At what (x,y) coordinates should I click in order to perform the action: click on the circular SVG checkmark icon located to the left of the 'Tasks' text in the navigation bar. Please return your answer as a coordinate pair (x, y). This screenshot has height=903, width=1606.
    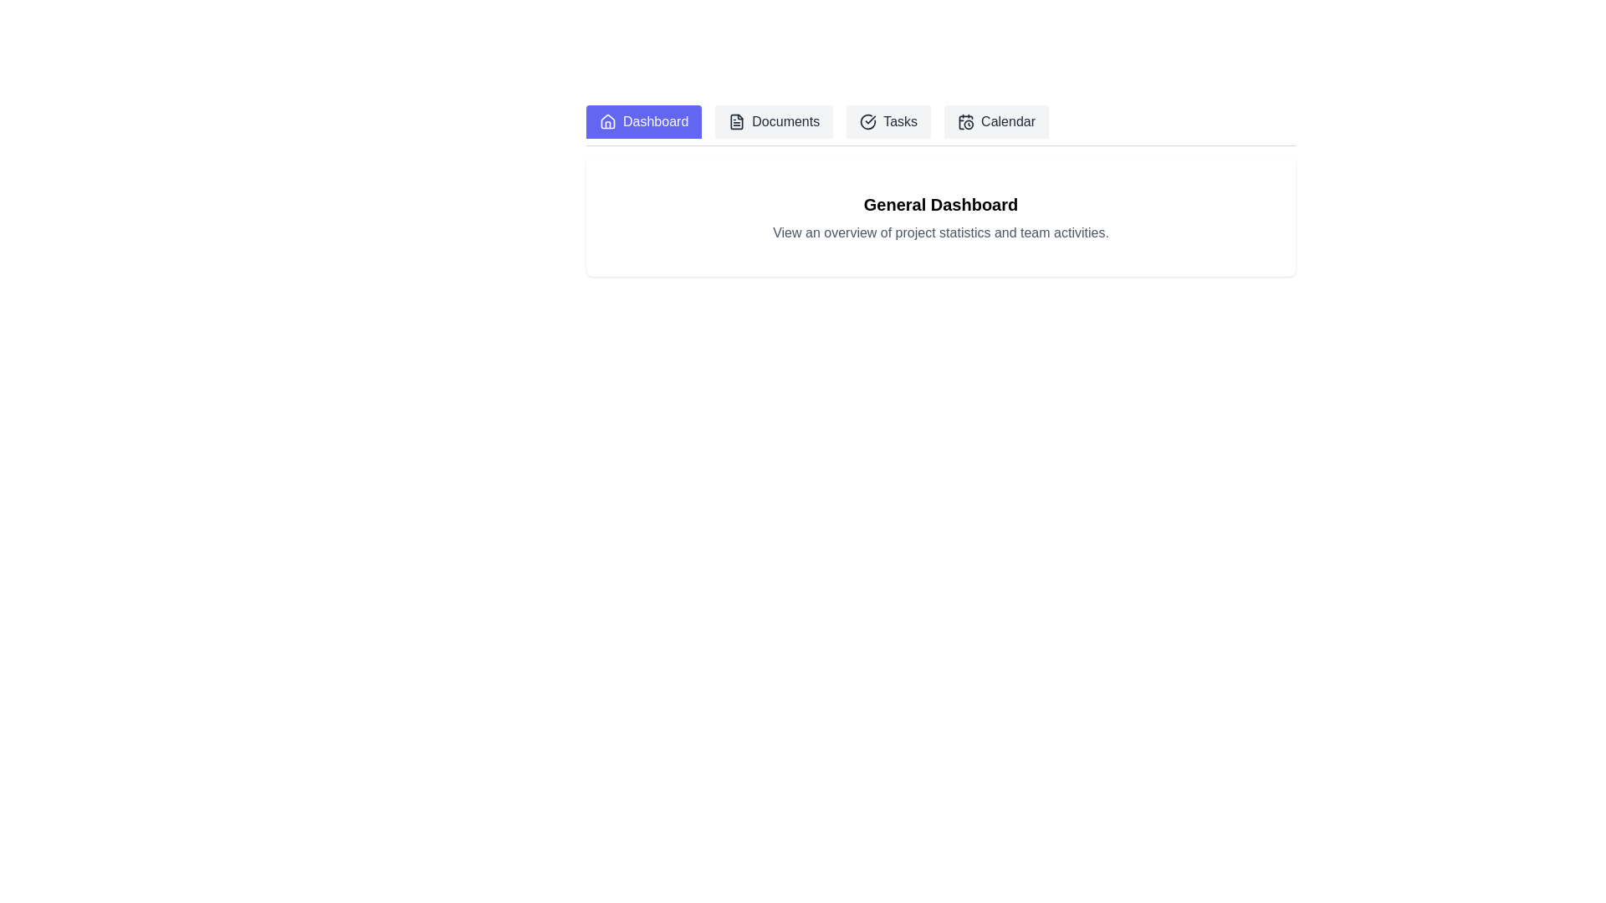
    Looking at the image, I should click on (868, 121).